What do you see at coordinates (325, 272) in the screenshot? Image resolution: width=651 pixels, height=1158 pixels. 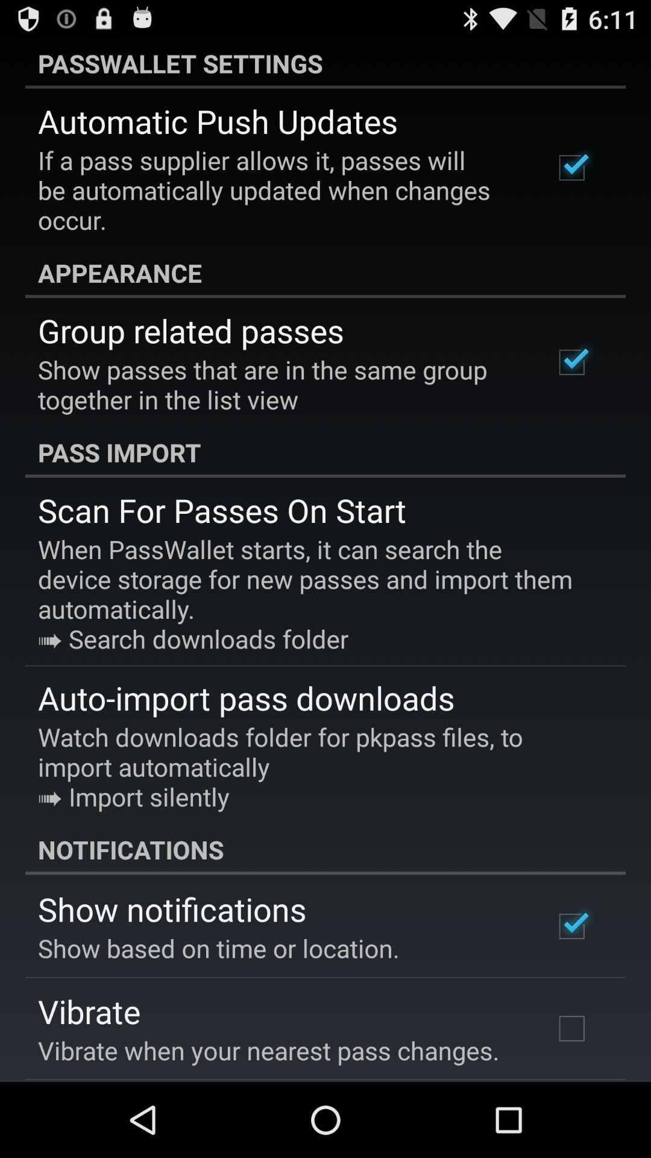 I see `the appearance app` at bounding box center [325, 272].